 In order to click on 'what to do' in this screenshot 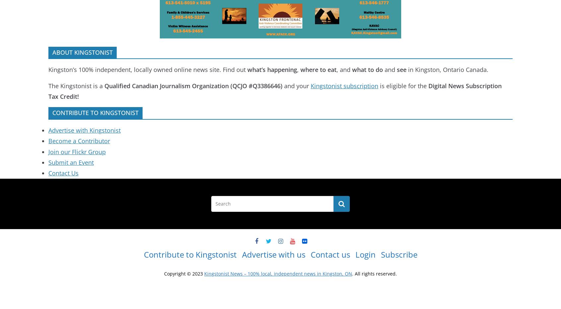, I will do `click(367, 69)`.